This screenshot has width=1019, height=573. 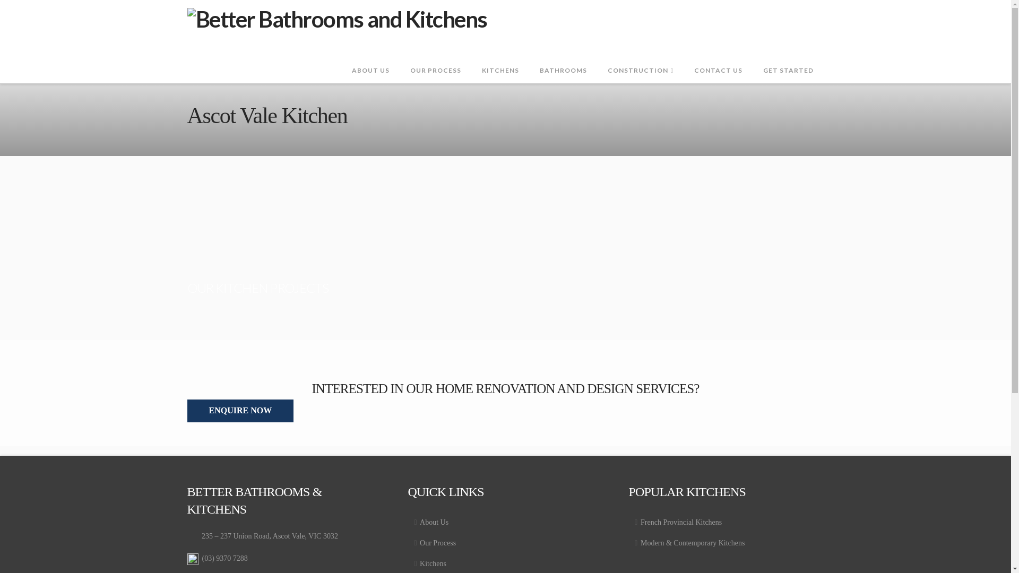 I want to click on 'BATHROOMS', so click(x=562, y=59).